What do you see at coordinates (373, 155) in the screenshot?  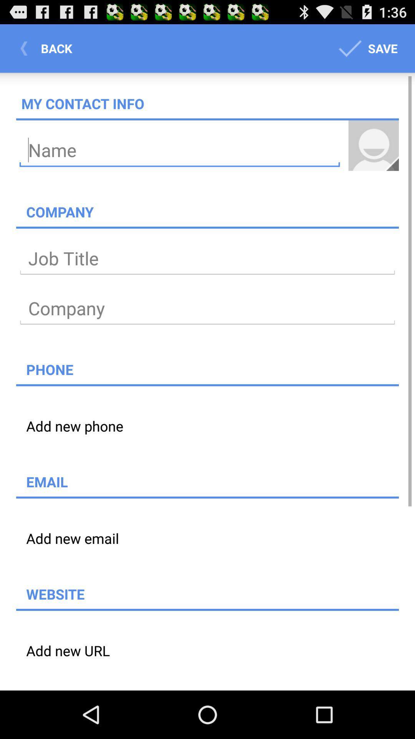 I see `the avatar icon` at bounding box center [373, 155].